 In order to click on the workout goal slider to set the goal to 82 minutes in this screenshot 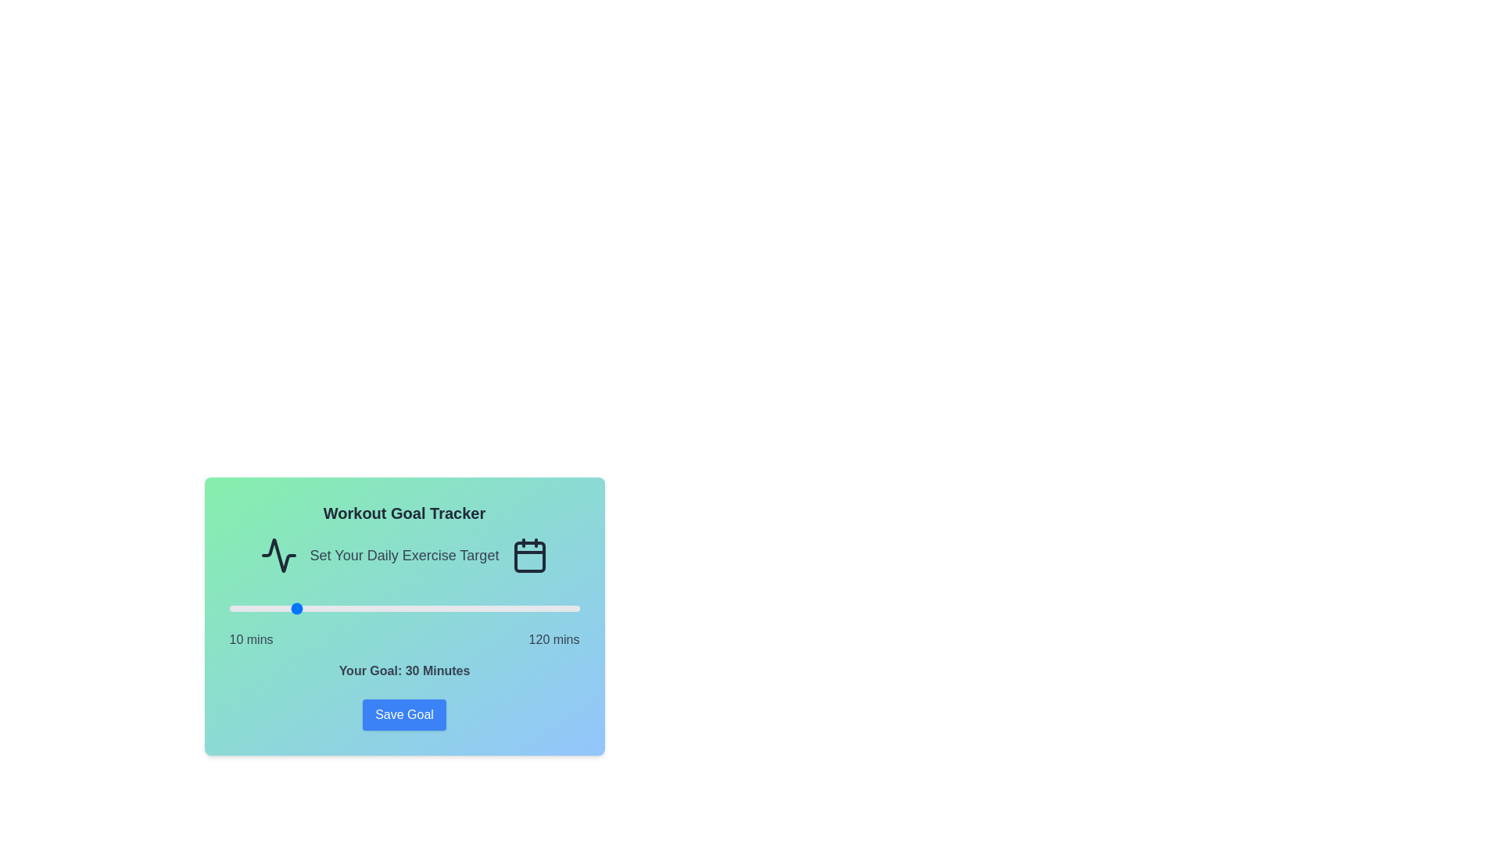, I will do `click(457, 608)`.